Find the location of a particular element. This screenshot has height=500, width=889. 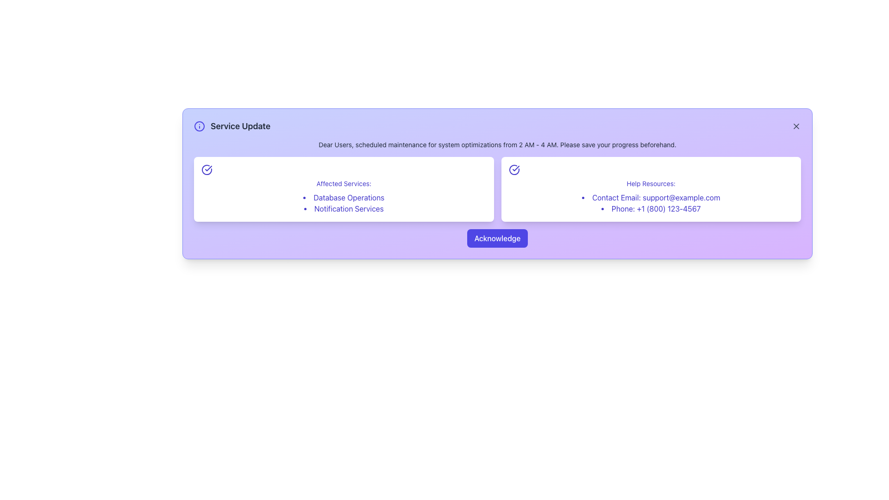

the checkmark icon that is part of an SVG graphic located inside the left highlighted box of the dialog is located at coordinates (208, 168).